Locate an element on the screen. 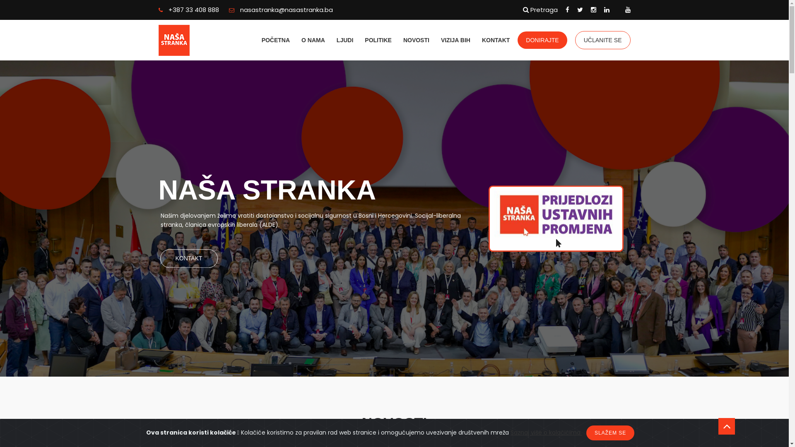 This screenshot has height=447, width=795. 'Logo' is located at coordinates (192, 40).